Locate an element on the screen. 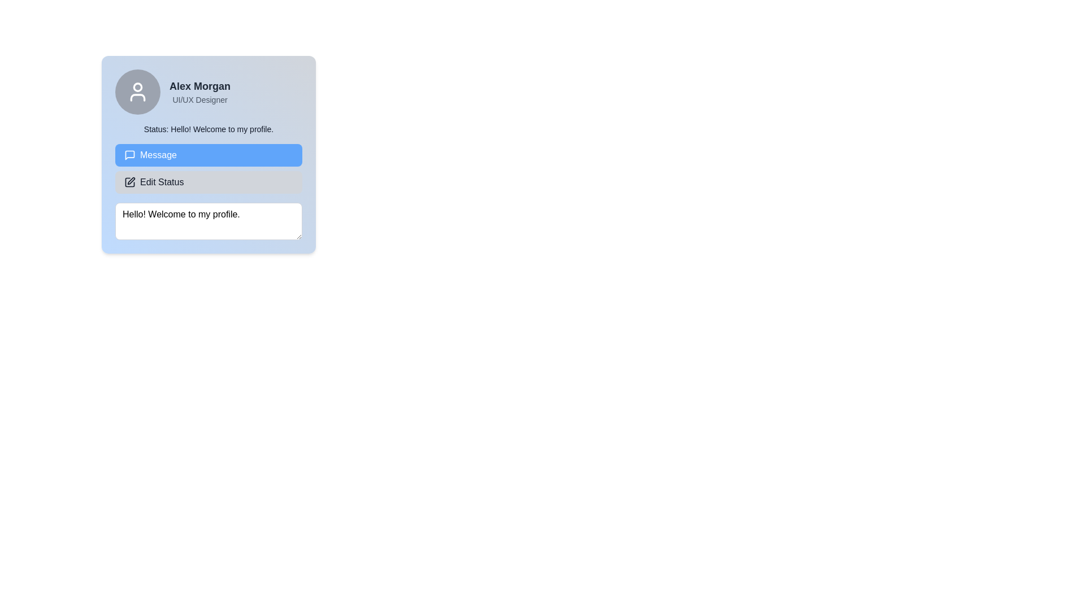 The width and height of the screenshot is (1085, 610). the text block displaying the user's name and title, located to the right of the circular profile icon in the upper-left corner of the card layout is located at coordinates (200, 91).